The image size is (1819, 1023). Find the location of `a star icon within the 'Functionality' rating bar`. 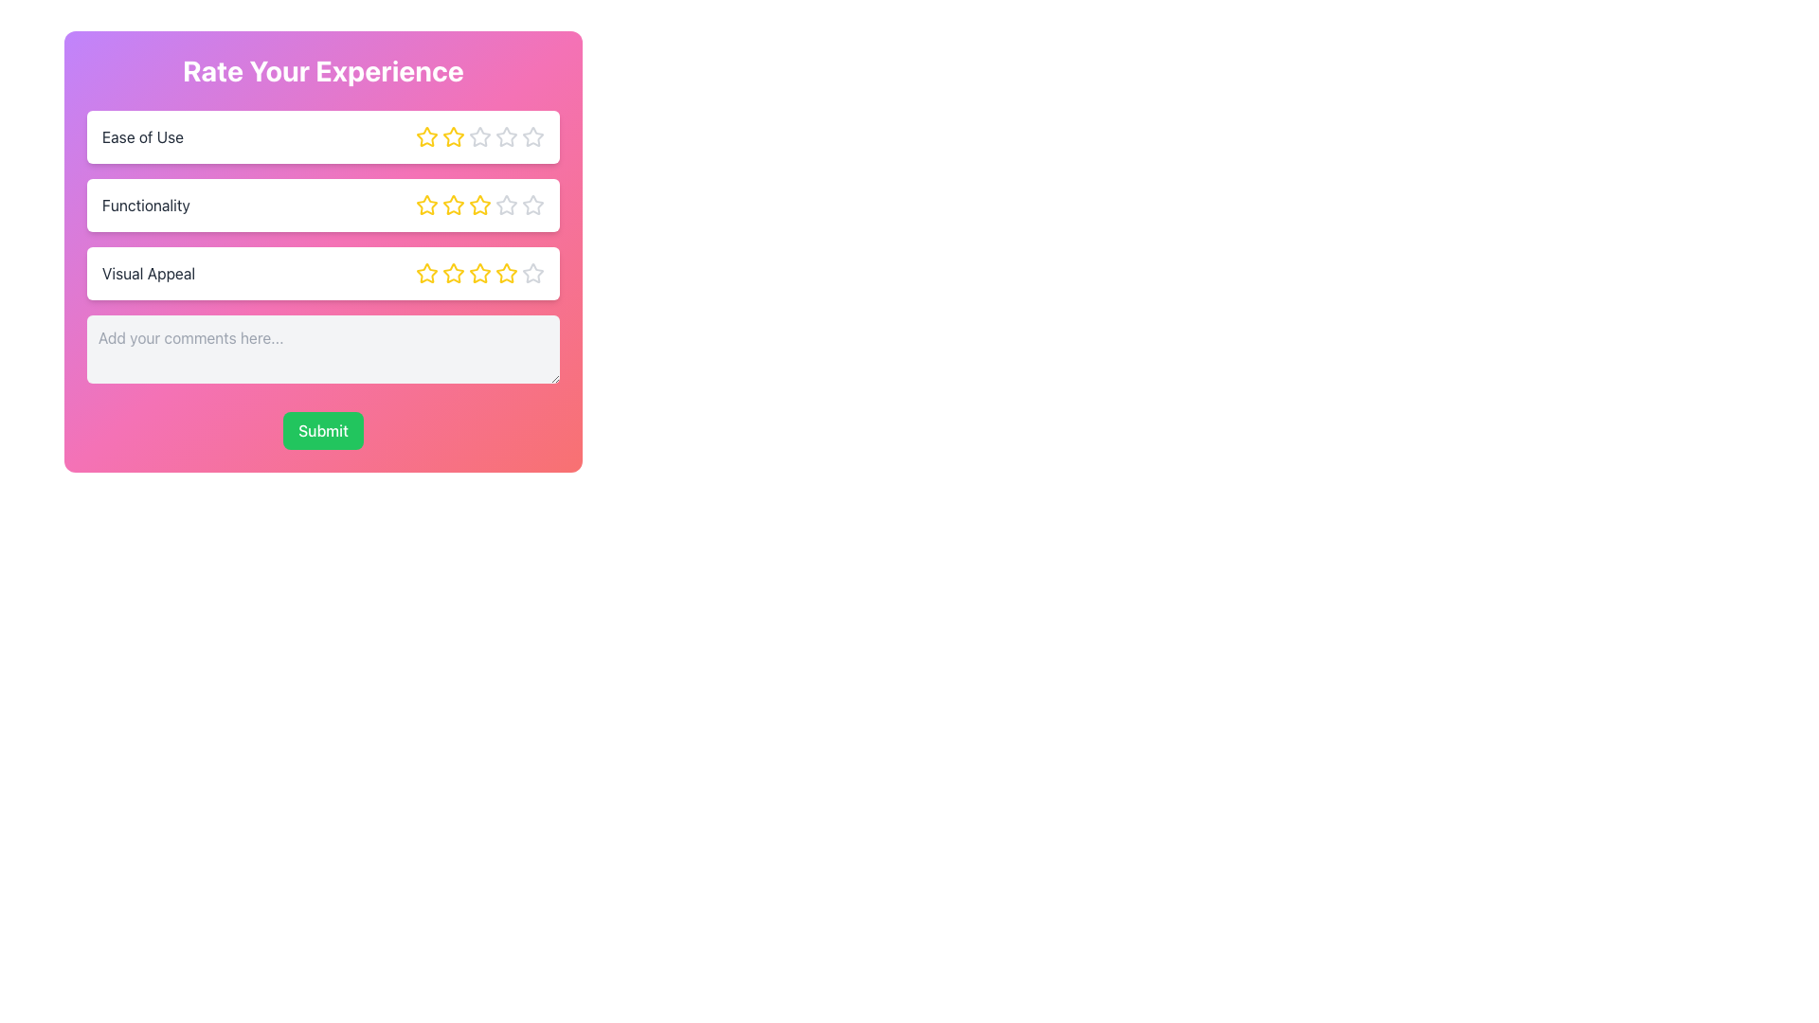

a star icon within the 'Functionality' rating bar is located at coordinates (323, 205).